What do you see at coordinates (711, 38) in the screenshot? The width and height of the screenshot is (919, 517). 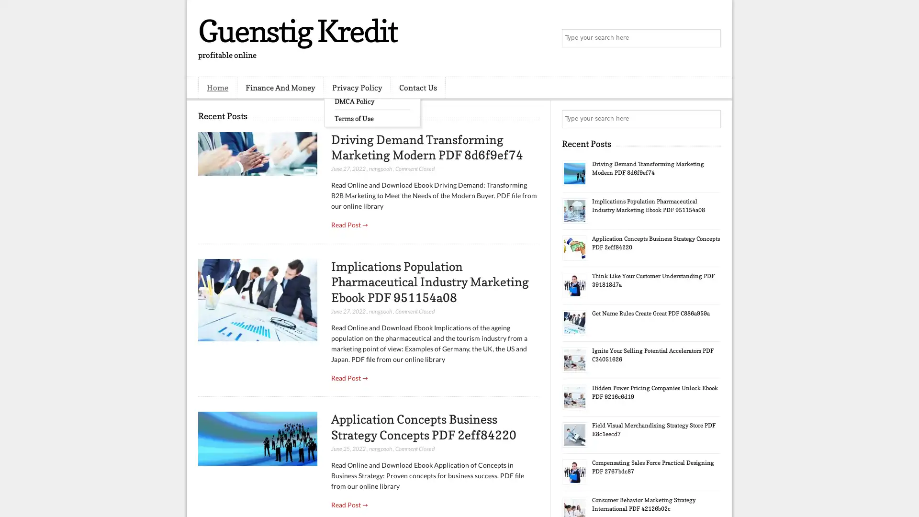 I see `Search` at bounding box center [711, 38].